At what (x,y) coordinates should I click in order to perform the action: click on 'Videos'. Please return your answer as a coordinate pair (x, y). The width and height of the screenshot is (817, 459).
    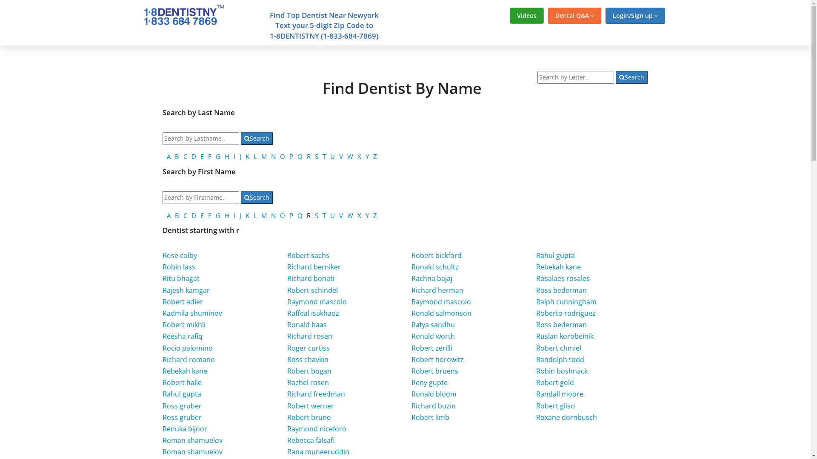
    Looking at the image, I should click on (510, 16).